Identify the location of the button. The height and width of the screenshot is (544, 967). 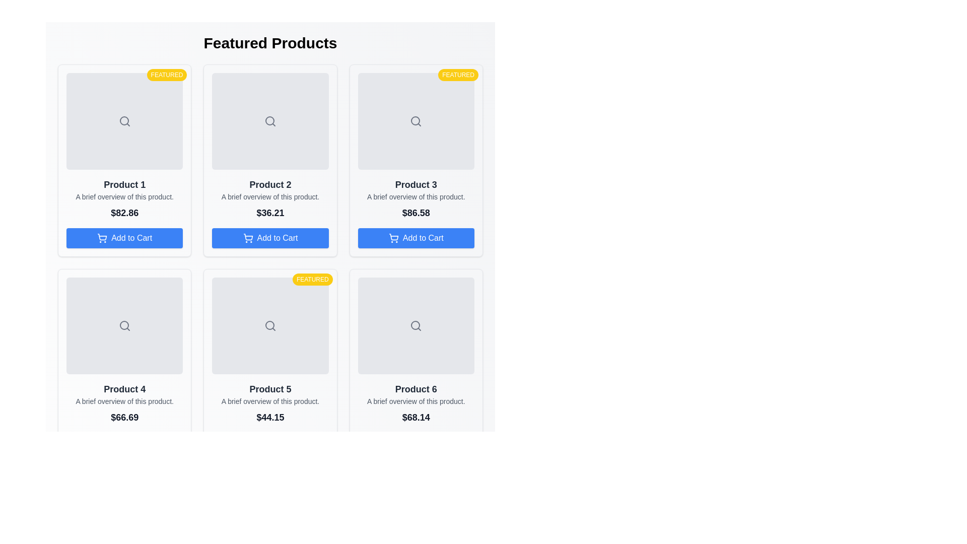
(124, 238).